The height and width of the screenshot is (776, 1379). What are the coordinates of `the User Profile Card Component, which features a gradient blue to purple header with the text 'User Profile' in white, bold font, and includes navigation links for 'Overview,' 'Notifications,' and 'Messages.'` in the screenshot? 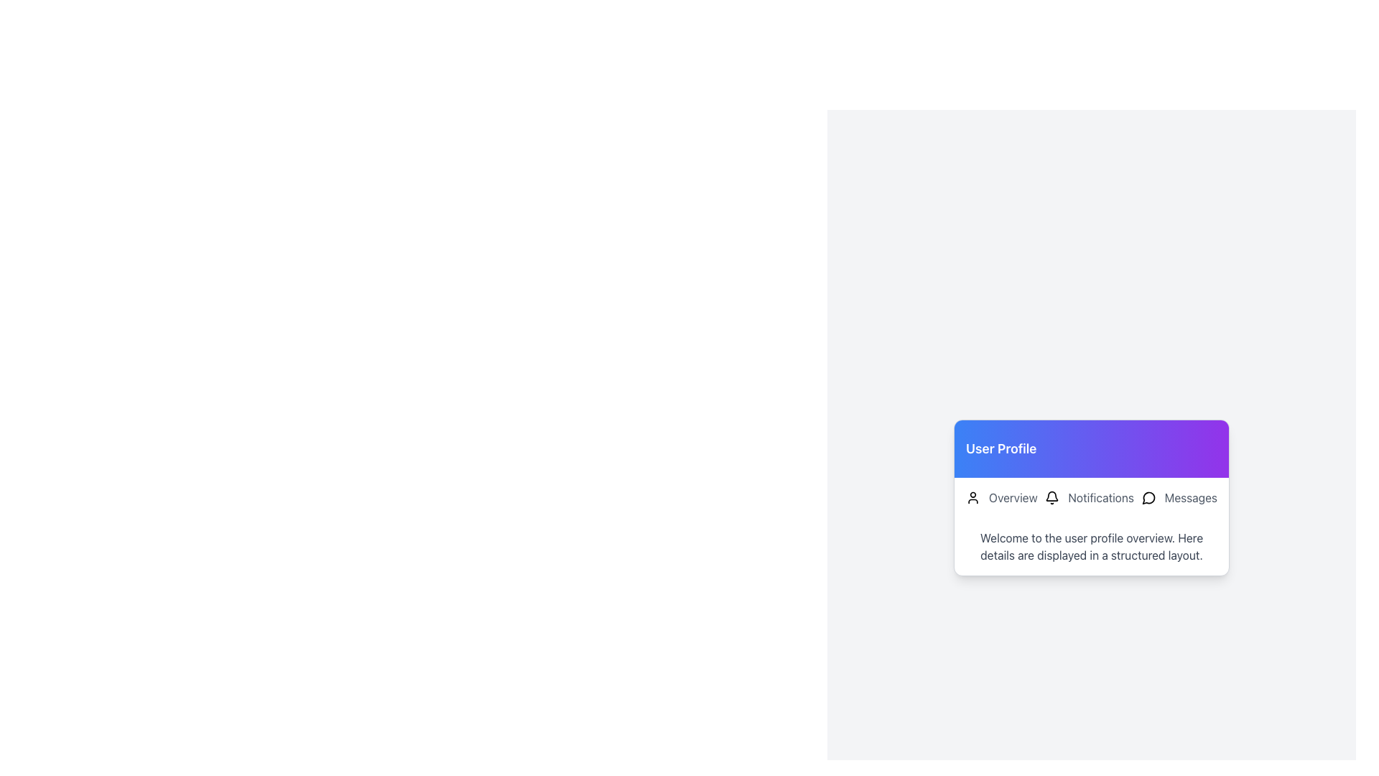 It's located at (1092, 497).